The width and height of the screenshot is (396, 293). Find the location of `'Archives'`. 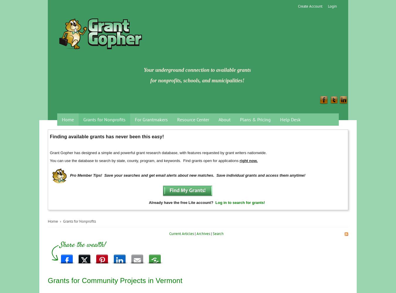

'Archives' is located at coordinates (196, 233).